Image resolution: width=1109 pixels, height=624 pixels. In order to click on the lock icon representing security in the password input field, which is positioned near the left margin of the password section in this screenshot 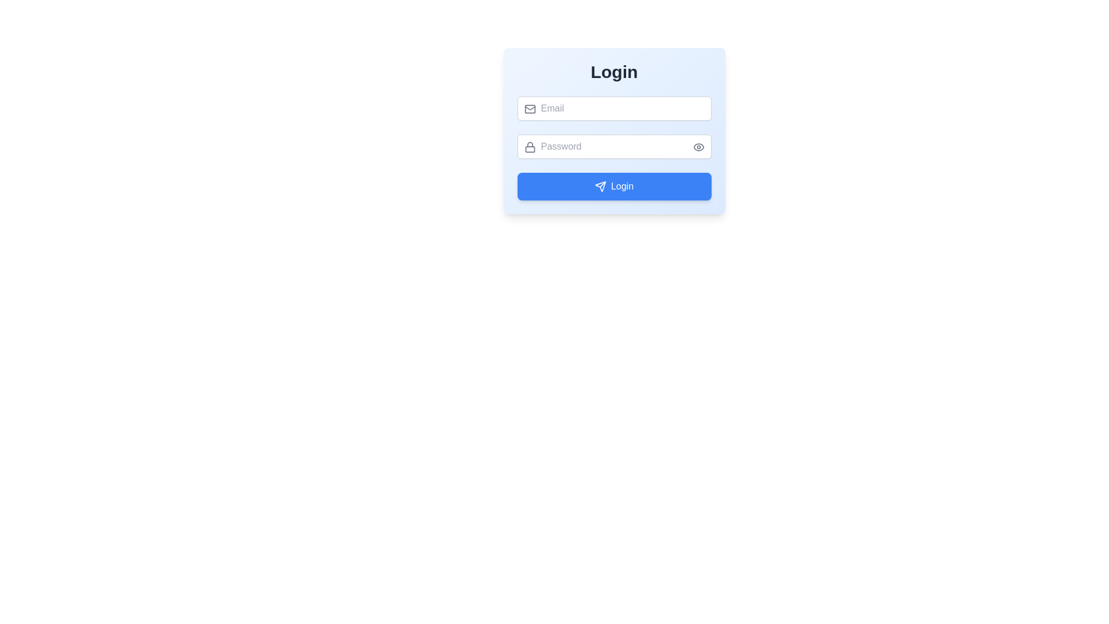, I will do `click(529, 146)`.